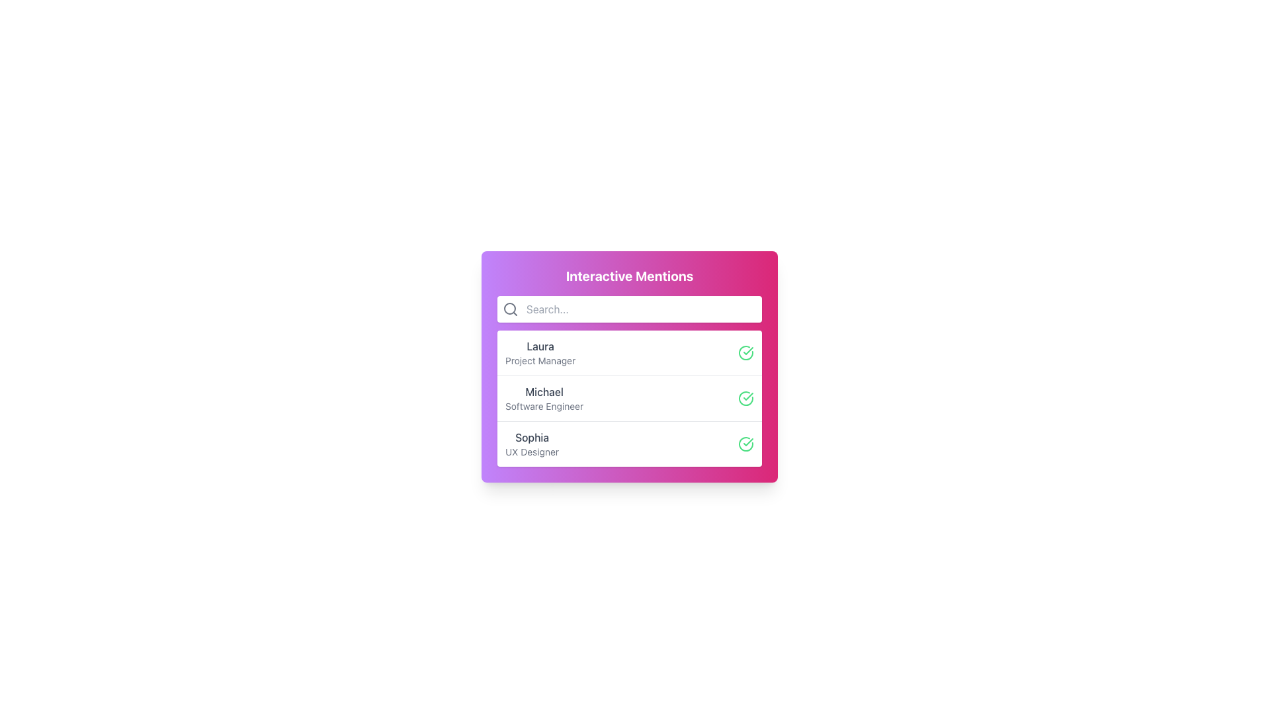  Describe the element at coordinates (628, 397) in the screenshot. I see `roles and names listed in the component that displays individuals and their roles, located centrally below the 'Interactive Mentions' header and following the search bar` at that location.